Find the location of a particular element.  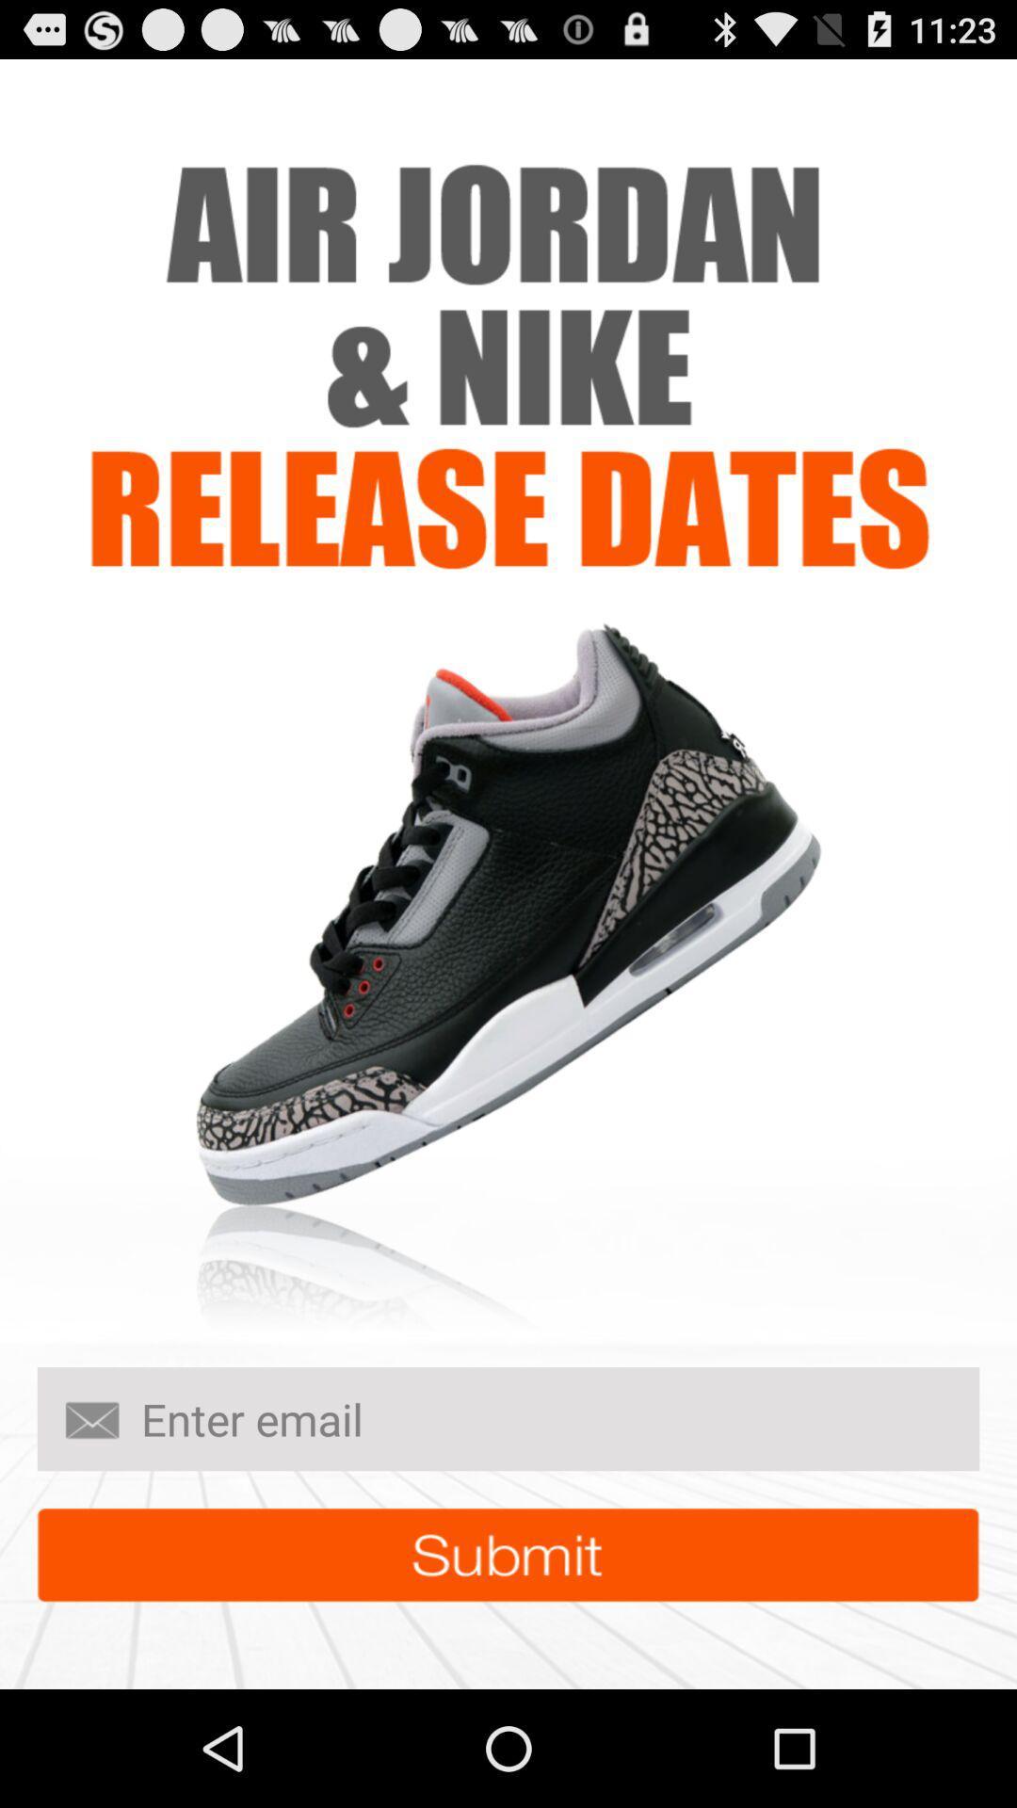

submit button is located at coordinates (508, 1555).